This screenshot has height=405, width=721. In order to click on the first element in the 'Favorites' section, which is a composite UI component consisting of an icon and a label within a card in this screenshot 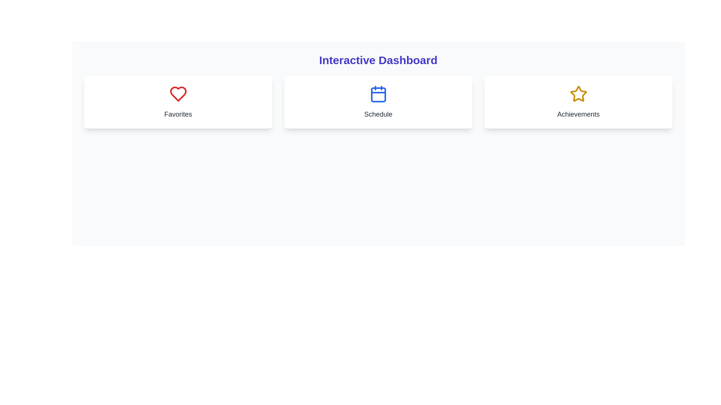, I will do `click(178, 102)`.